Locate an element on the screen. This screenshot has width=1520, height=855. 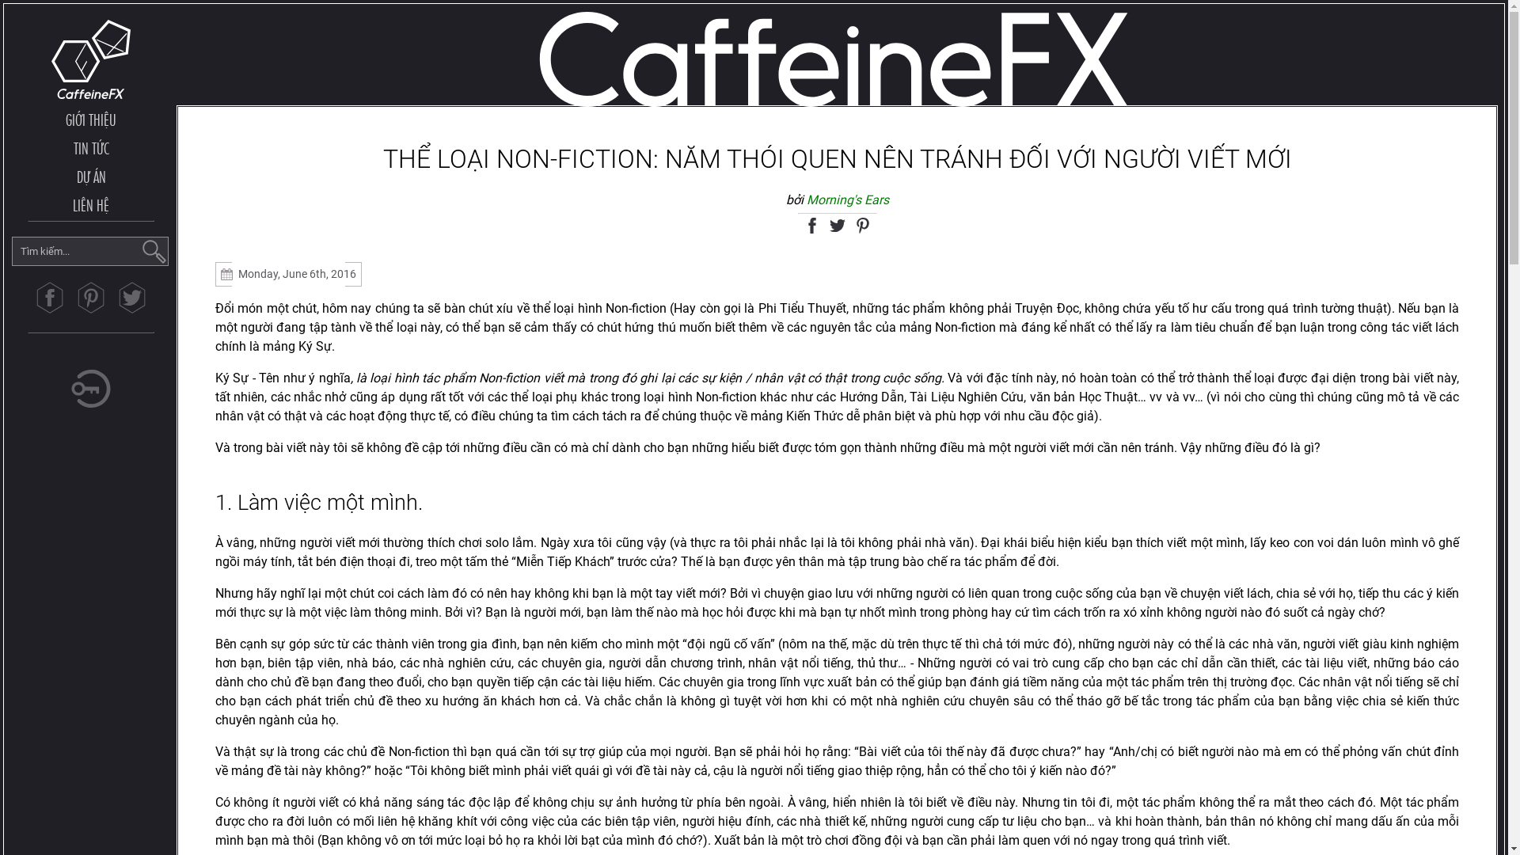
'Morning's Ears' is located at coordinates (805, 199).